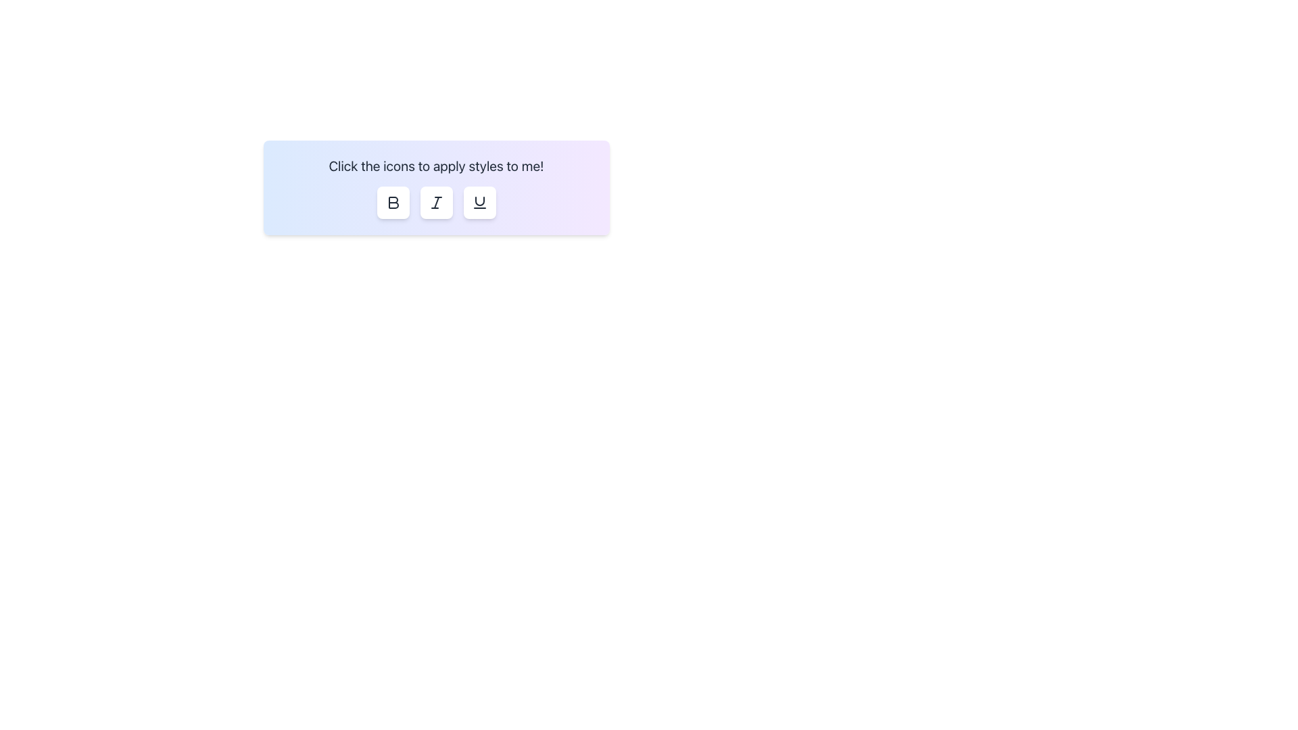 Image resolution: width=1298 pixels, height=730 pixels. Describe the element at coordinates (436, 203) in the screenshot. I see `the second button in a horizontal row used for toggling italic formatting on text` at that location.